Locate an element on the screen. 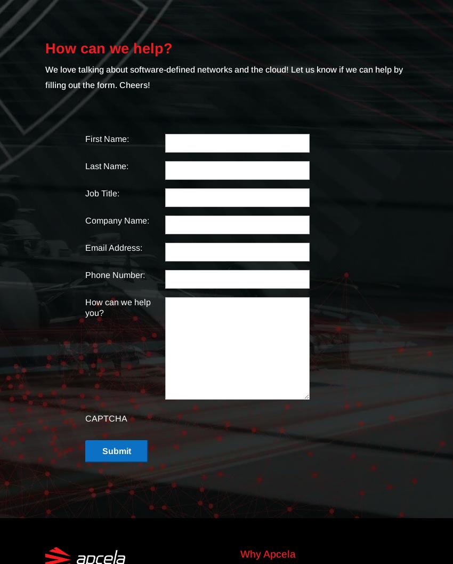 The image size is (453, 564). 'Last Name:' is located at coordinates (106, 166).